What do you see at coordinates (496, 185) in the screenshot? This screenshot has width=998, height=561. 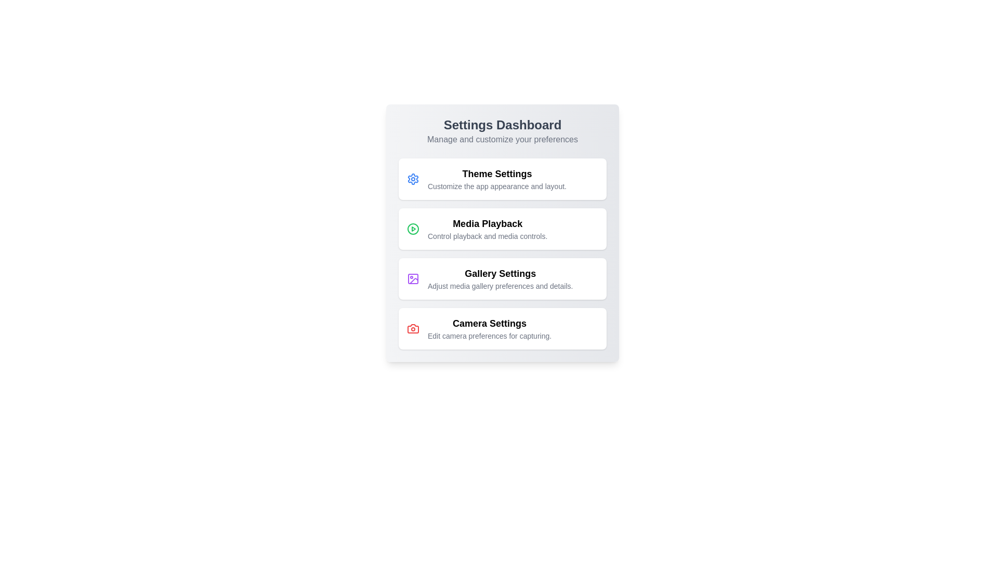 I see `the gray-colored text string that reads 'Customize the app appearance and layout.' located below the 'Theme Settings' title` at bounding box center [496, 185].